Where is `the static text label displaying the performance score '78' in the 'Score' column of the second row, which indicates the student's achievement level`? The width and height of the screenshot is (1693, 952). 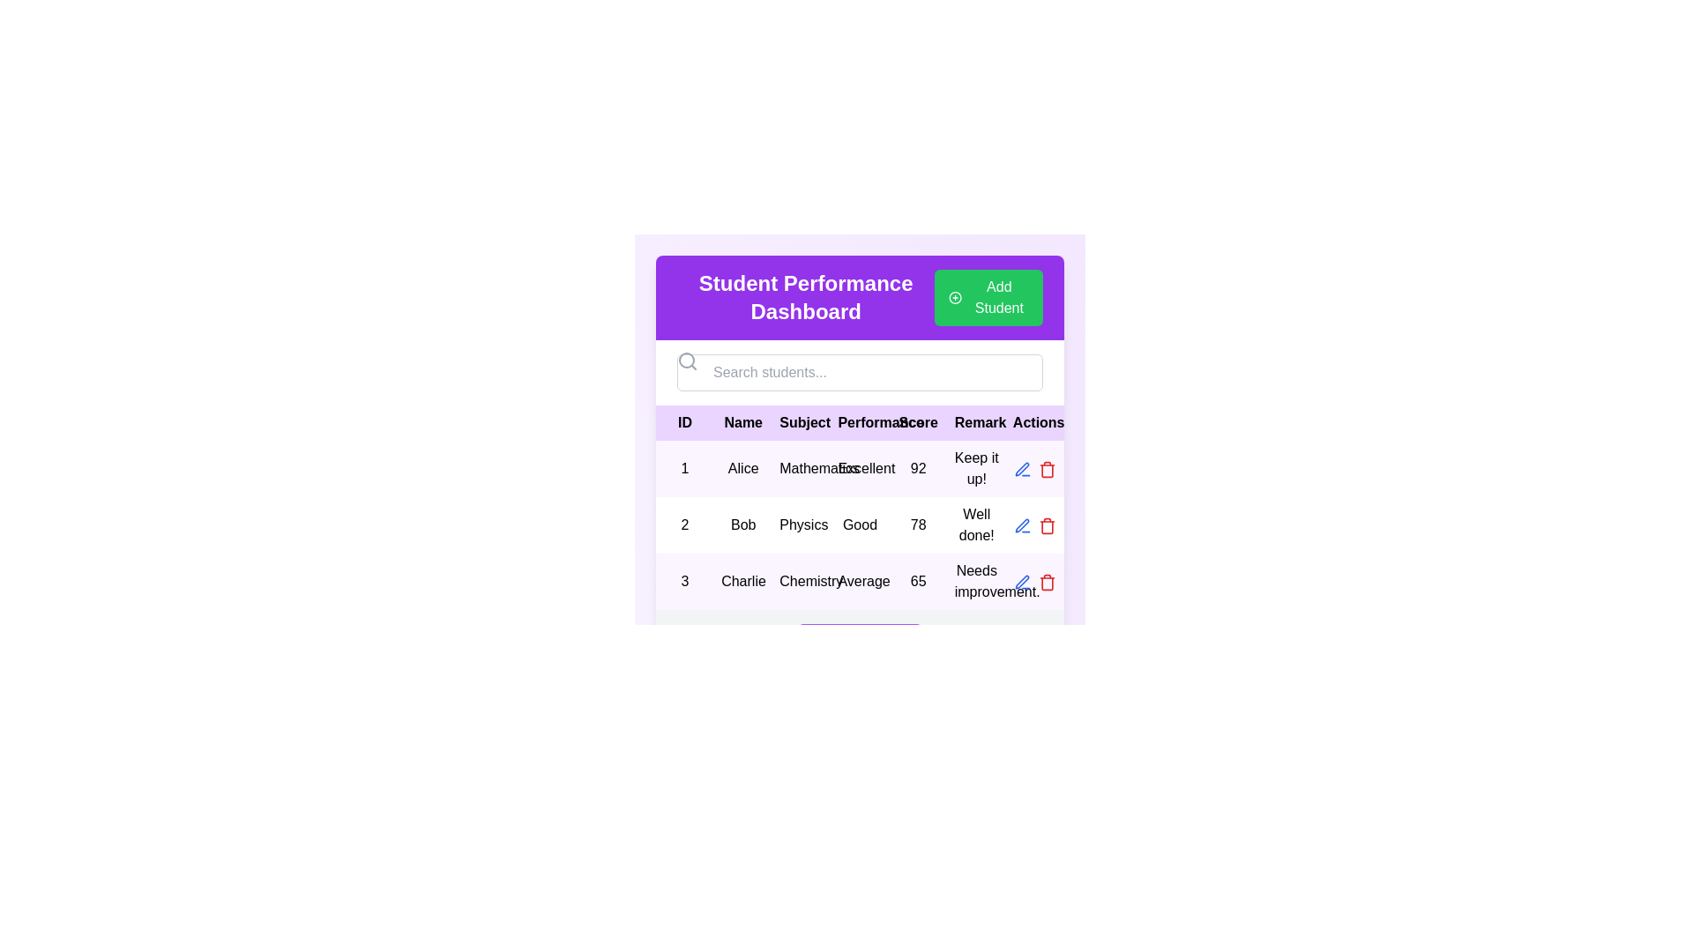
the static text label displaying the performance score '78' in the 'Score' column of the second row, which indicates the student's achievement level is located at coordinates (917, 524).